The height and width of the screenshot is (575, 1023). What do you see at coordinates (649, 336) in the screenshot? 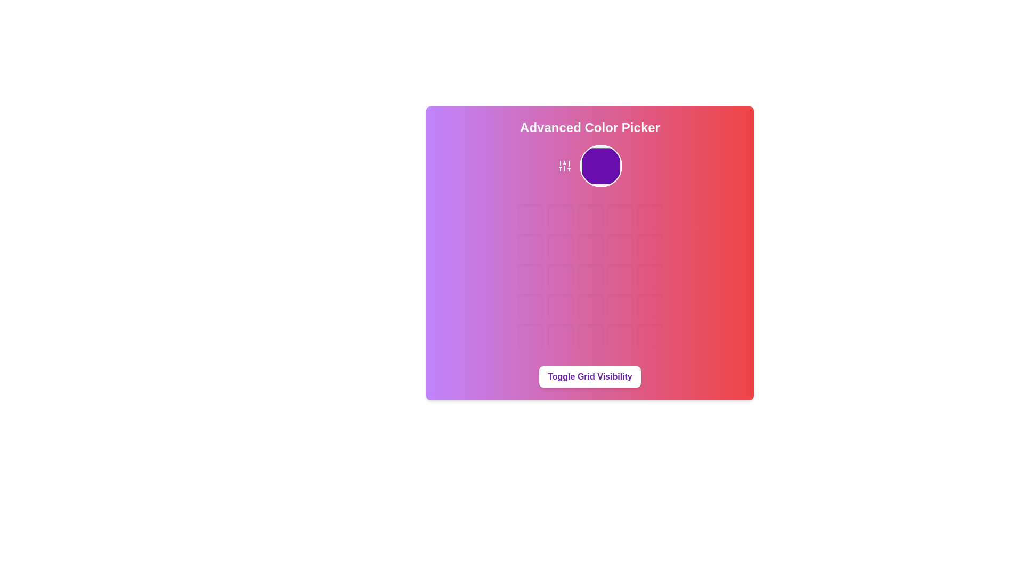
I see `the bottom-right corner cell of the 12x12 grid segment styled with rounded corners and a subtle shadow effect` at bounding box center [649, 336].